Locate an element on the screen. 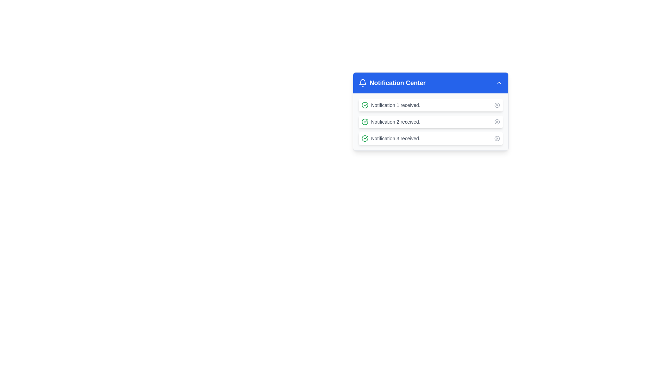 This screenshot has height=375, width=668. the text label that reads 'Notification 3 received.' with a green checkmark icon to its left, located in the Notification Center popup is located at coordinates (391, 138).